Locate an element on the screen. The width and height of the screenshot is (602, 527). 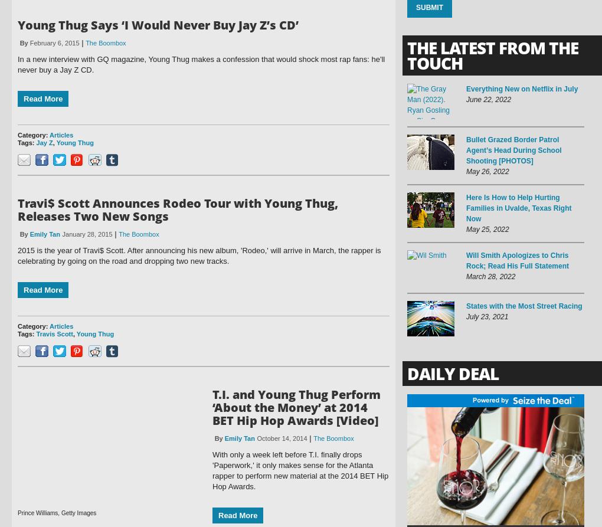
'The Latest From The Touch' is located at coordinates (492, 55).